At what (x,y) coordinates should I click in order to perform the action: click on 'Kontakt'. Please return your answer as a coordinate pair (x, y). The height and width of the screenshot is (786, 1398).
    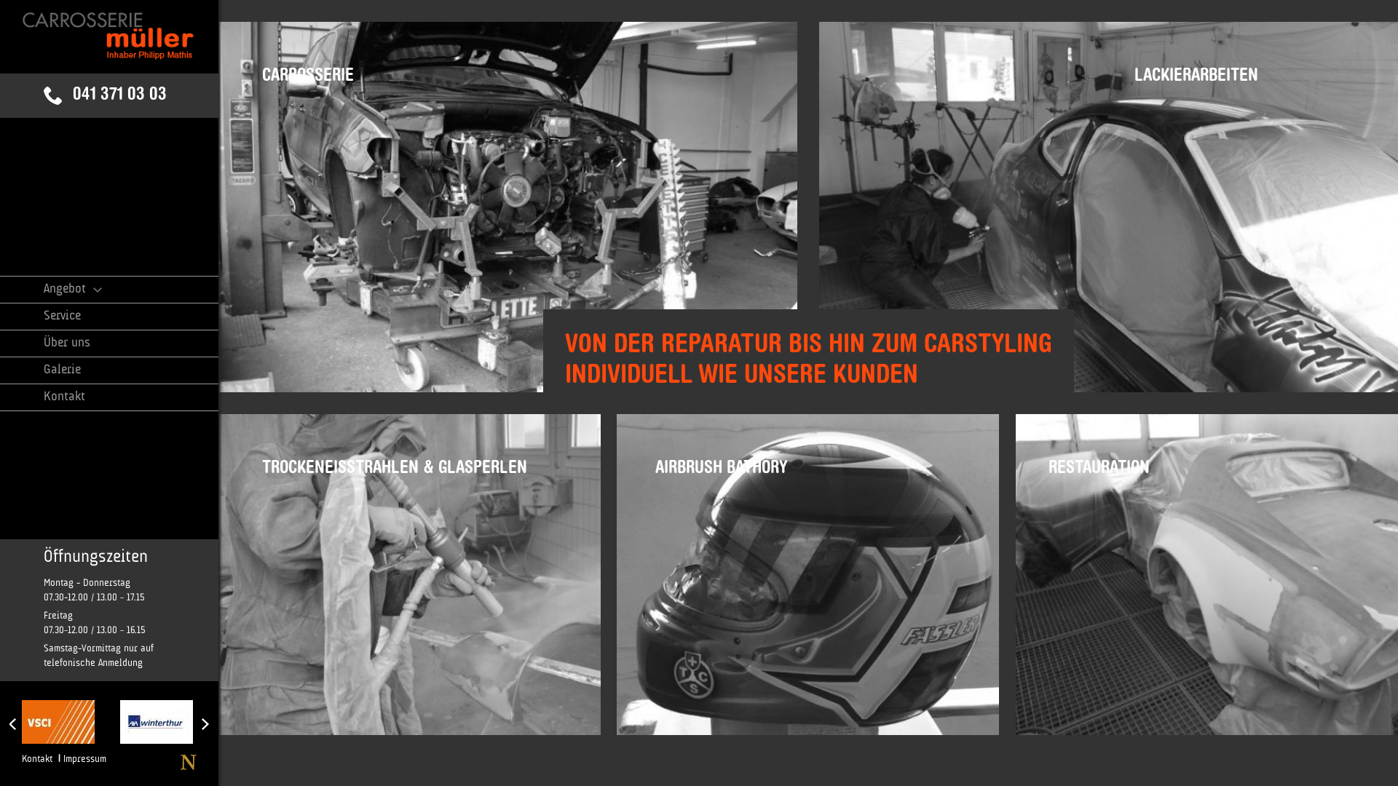
    Looking at the image, I should click on (37, 758).